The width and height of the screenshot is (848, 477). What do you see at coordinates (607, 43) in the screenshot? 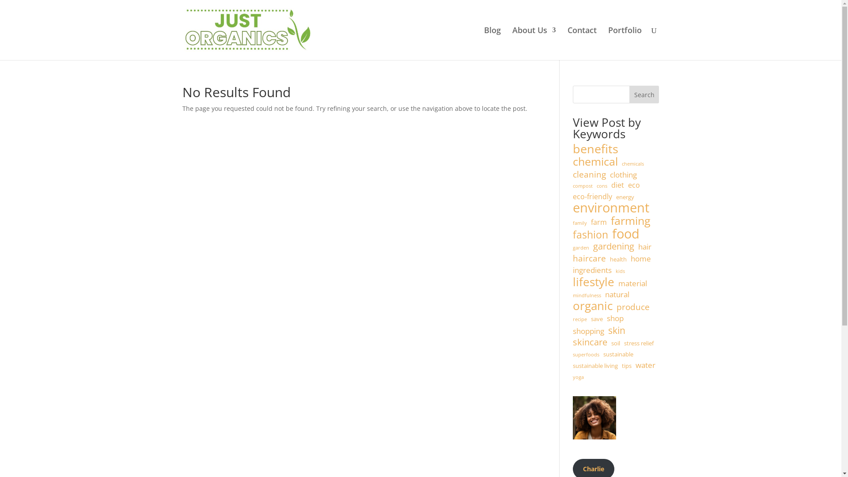
I see `'Portfolio'` at bounding box center [607, 43].